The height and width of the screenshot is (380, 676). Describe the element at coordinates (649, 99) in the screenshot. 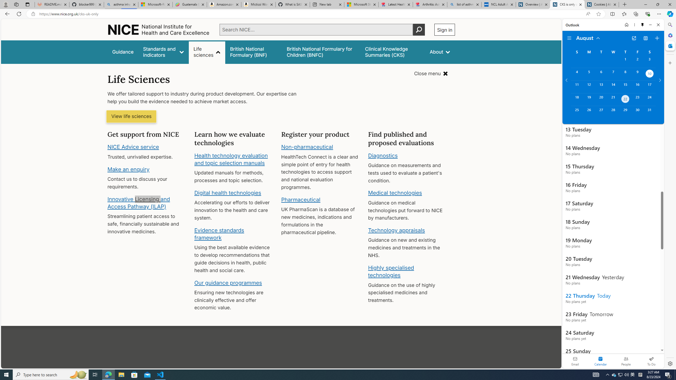

I see `'Saturday, August 24, 2024. '` at that location.